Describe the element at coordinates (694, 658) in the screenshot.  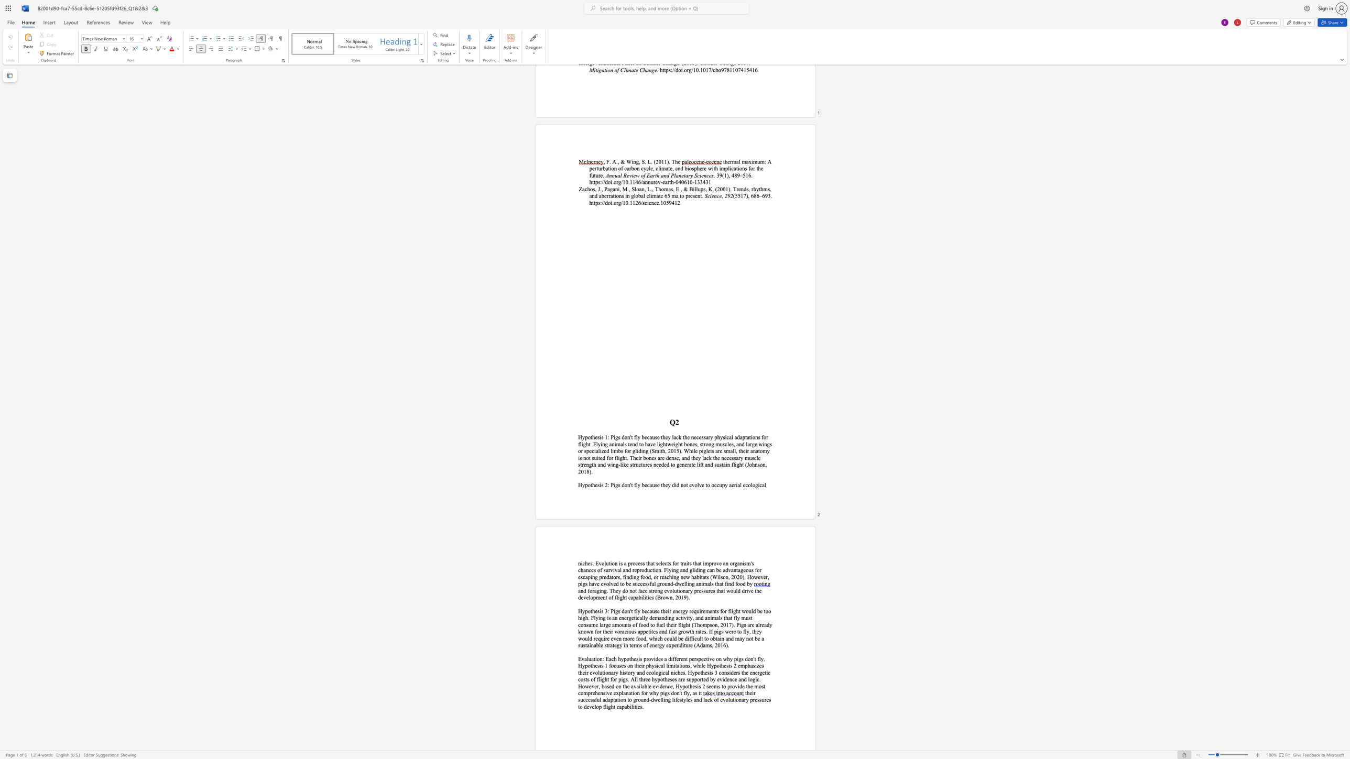
I see `the subset text "rsp" within the text "a different perspective"` at that location.